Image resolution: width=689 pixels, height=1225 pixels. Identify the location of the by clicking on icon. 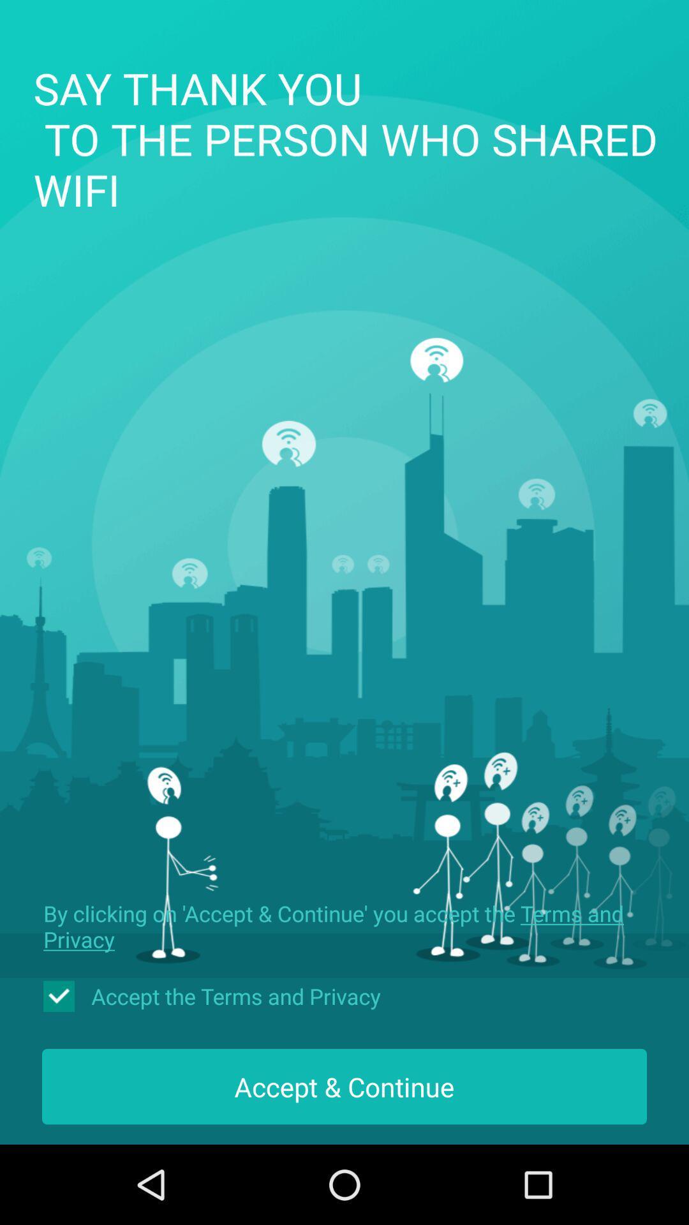
(344, 926).